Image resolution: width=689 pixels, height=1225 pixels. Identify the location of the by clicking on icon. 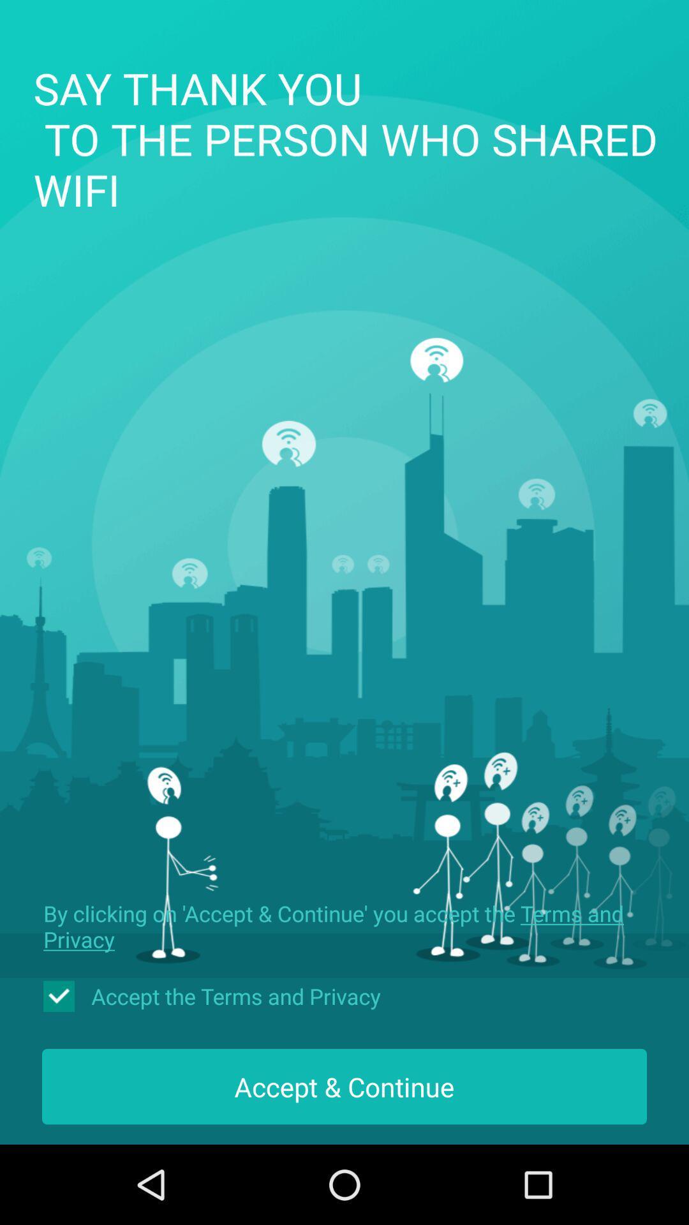
(344, 926).